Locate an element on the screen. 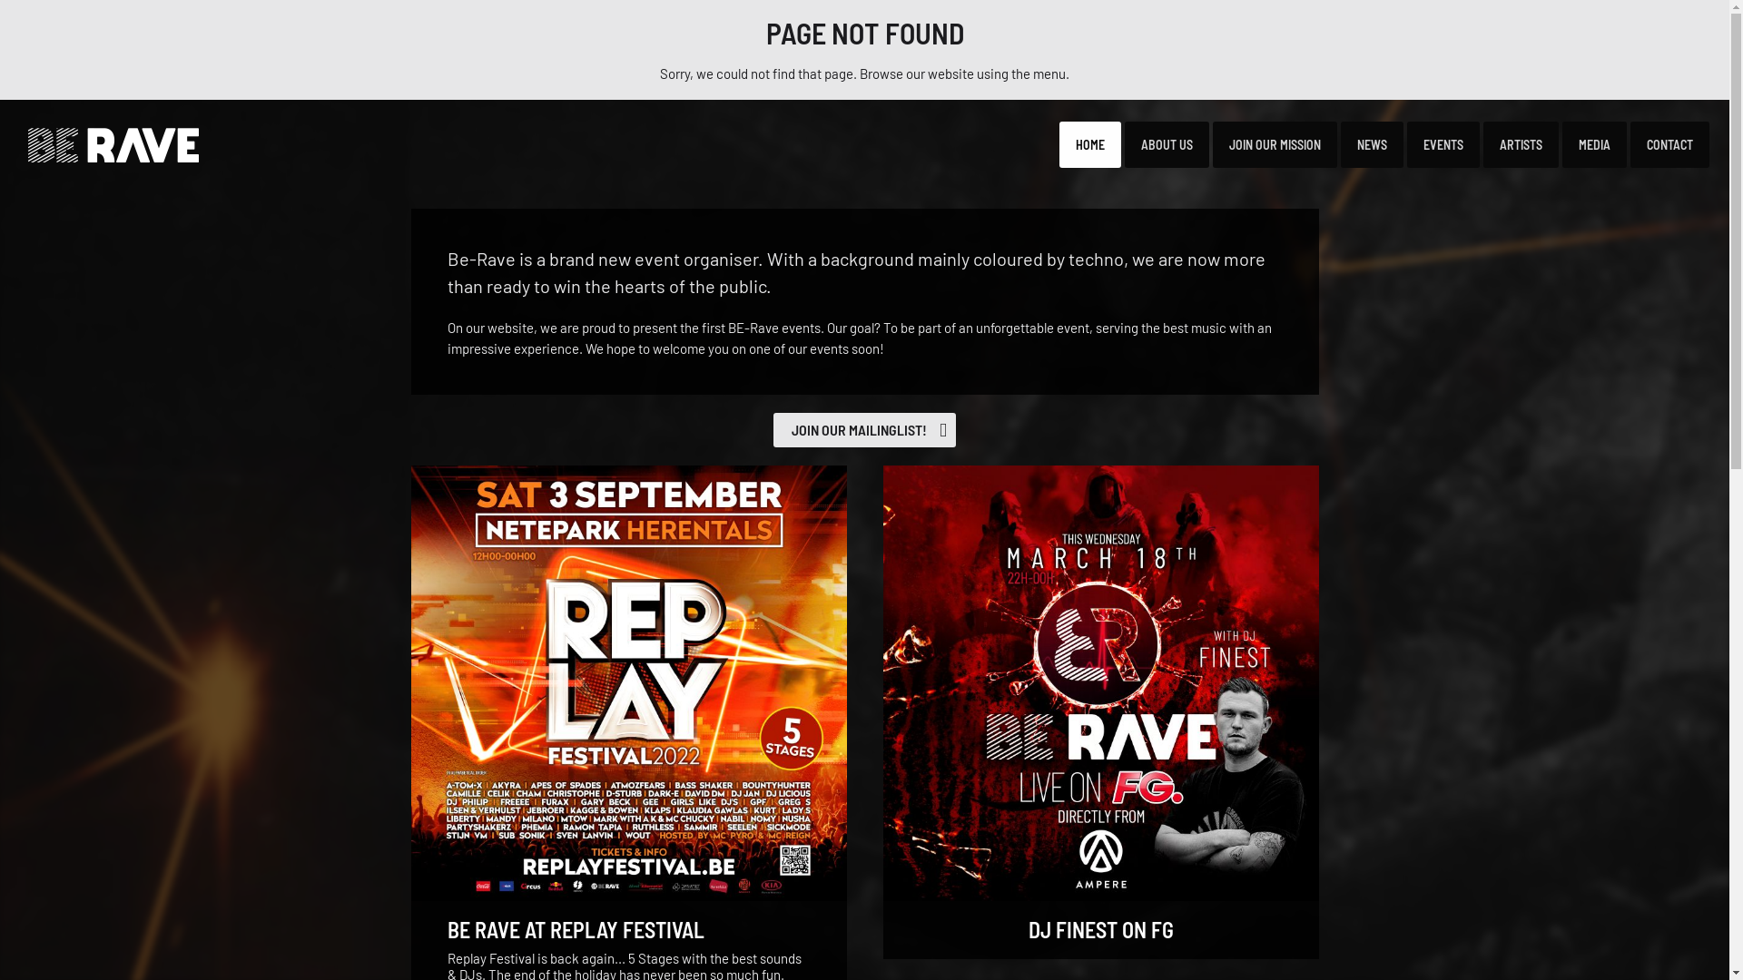 The height and width of the screenshot is (980, 1743). 'ARTISTS' is located at coordinates (1521, 143).